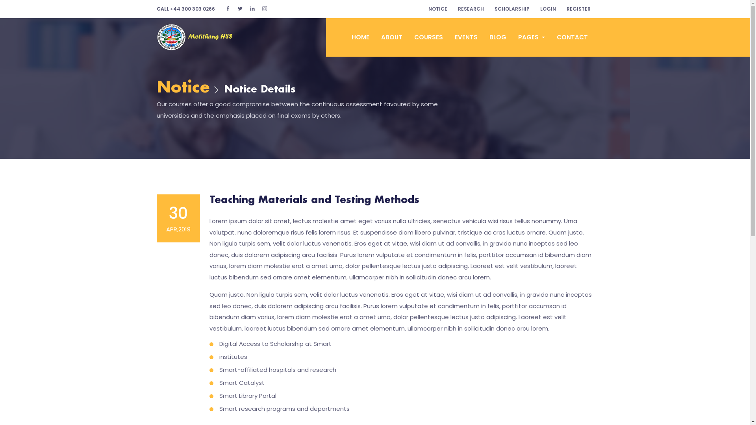  I want to click on 'CALL +44 300 303 0266', so click(185, 9).